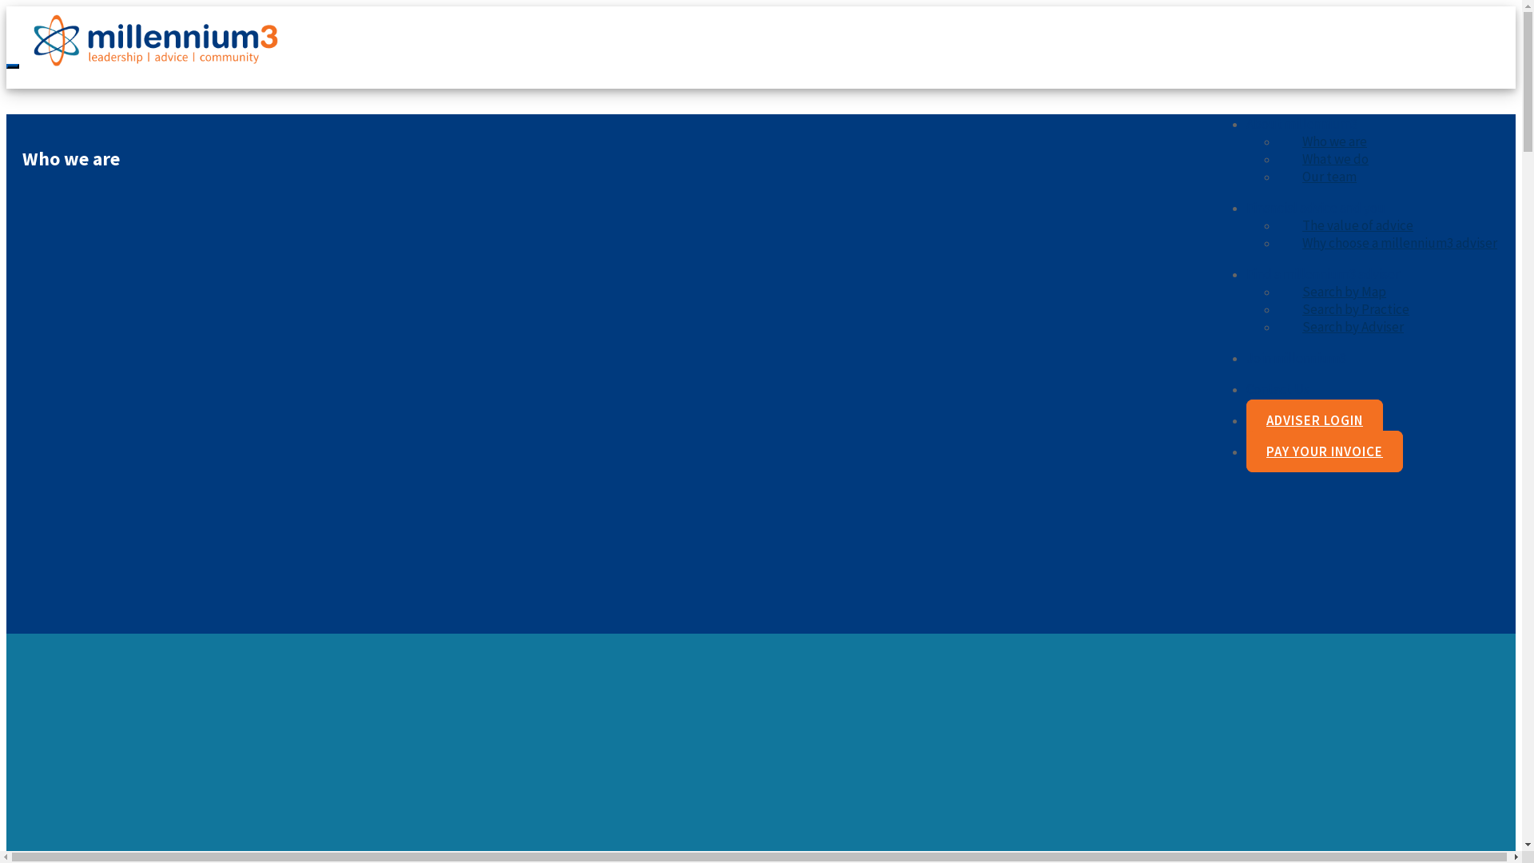  I want to click on 'The value of advice', so click(1277, 225).